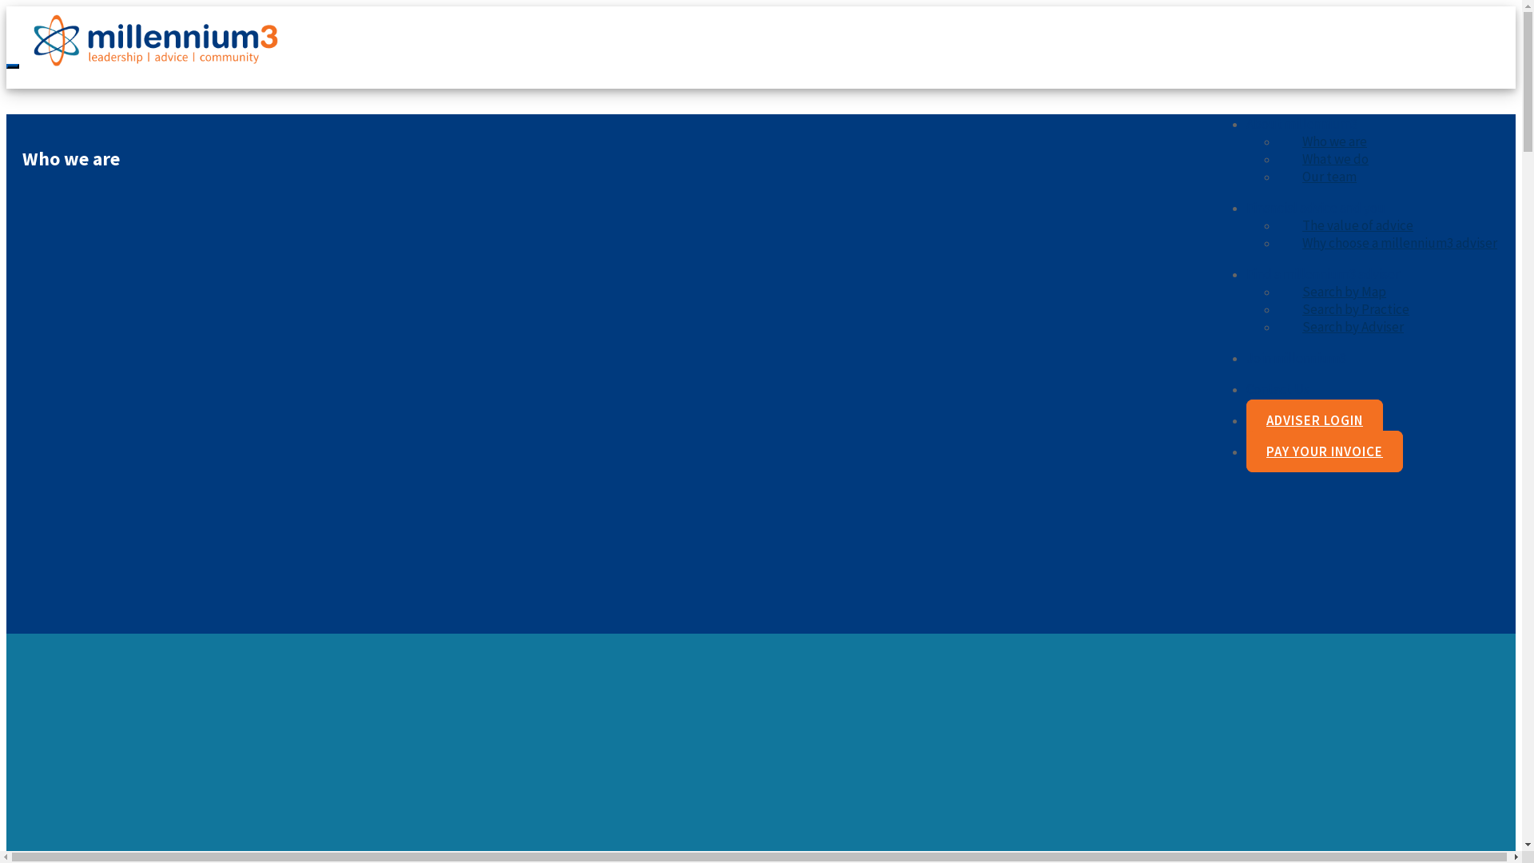  I want to click on 'The value of advice', so click(1277, 225).